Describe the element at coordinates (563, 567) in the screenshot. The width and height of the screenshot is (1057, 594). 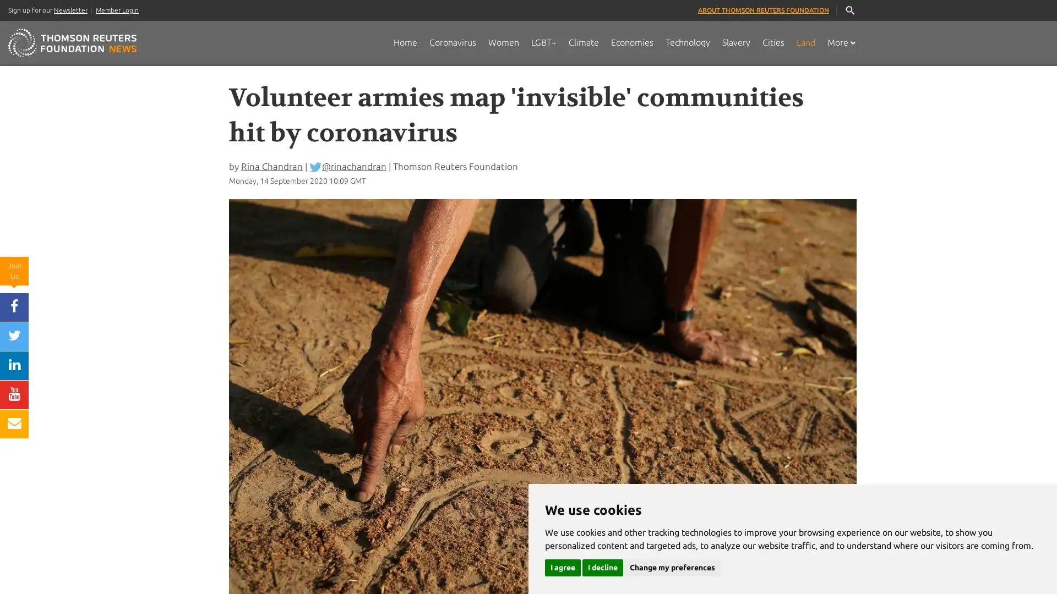
I see `I agree` at that location.